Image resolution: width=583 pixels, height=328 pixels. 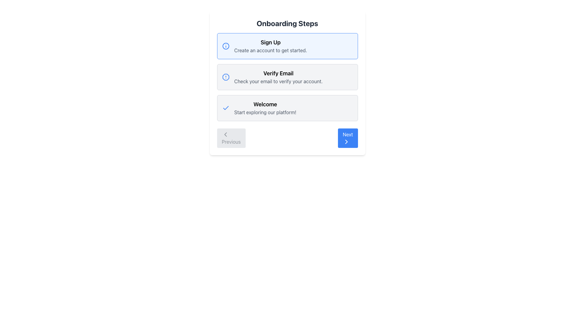 I want to click on the blue octagonal icon located to the left of the 'Verify Email' text in the second step of the onboarding steps list, so click(x=225, y=77).